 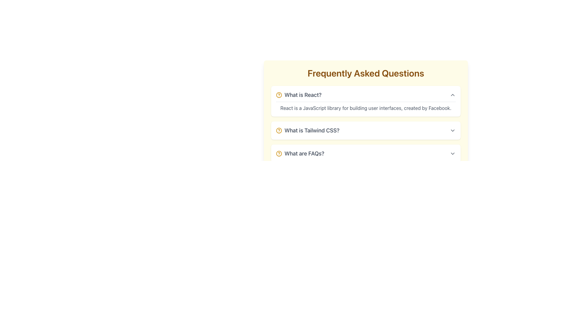 I want to click on the static text description providing details for the FAQ question 'What is React?' located beneath the question, so click(x=365, y=106).